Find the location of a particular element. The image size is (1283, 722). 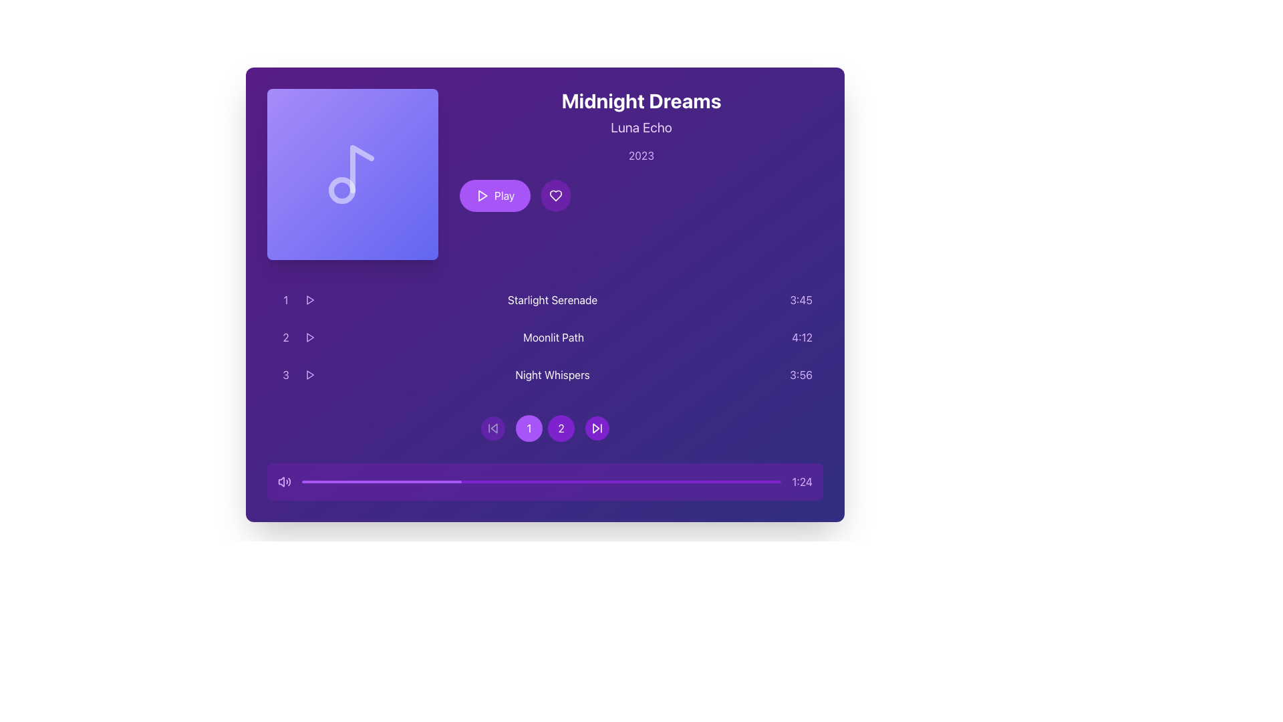

the progress is located at coordinates (323, 482).